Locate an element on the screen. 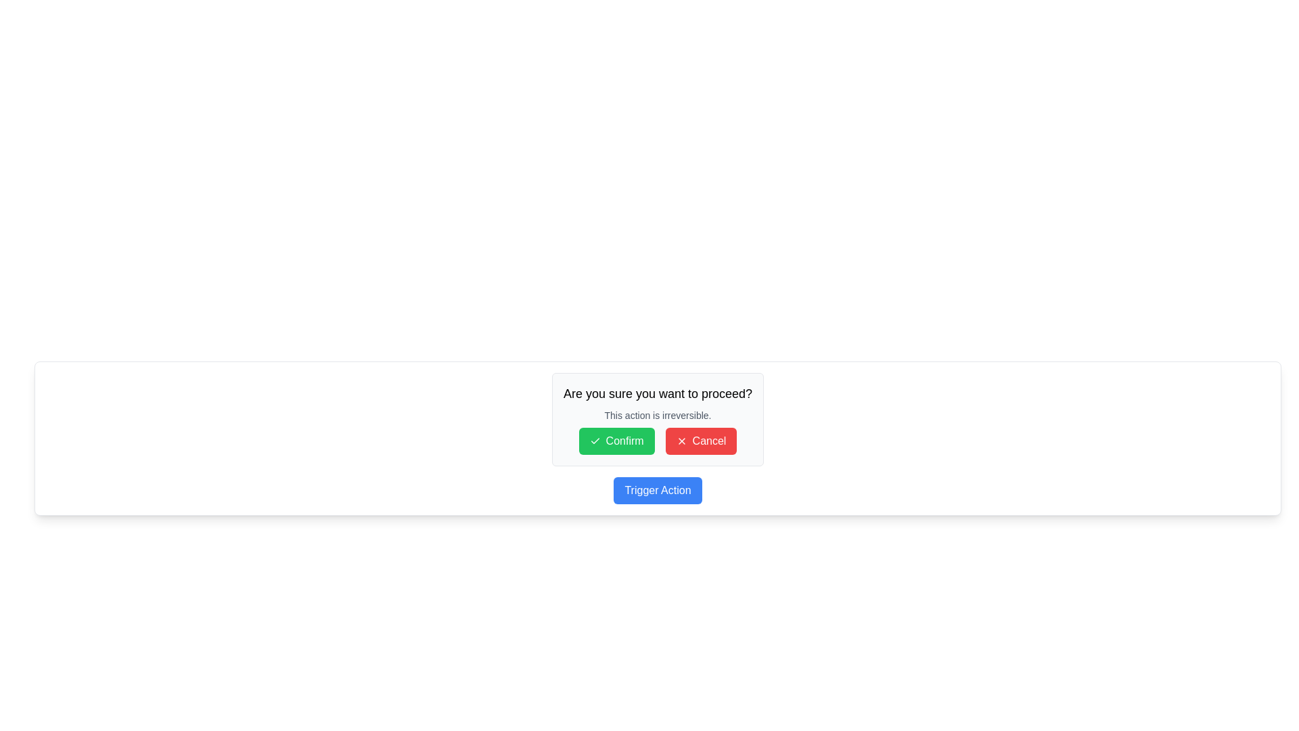 The image size is (1299, 731). text element that serves as the primary message or heading for the confirmation dialog box, positioned at the top above the statement 'This action is irreversible.' and the buttons 'Confirm' and 'Cancel' is located at coordinates (658, 394).